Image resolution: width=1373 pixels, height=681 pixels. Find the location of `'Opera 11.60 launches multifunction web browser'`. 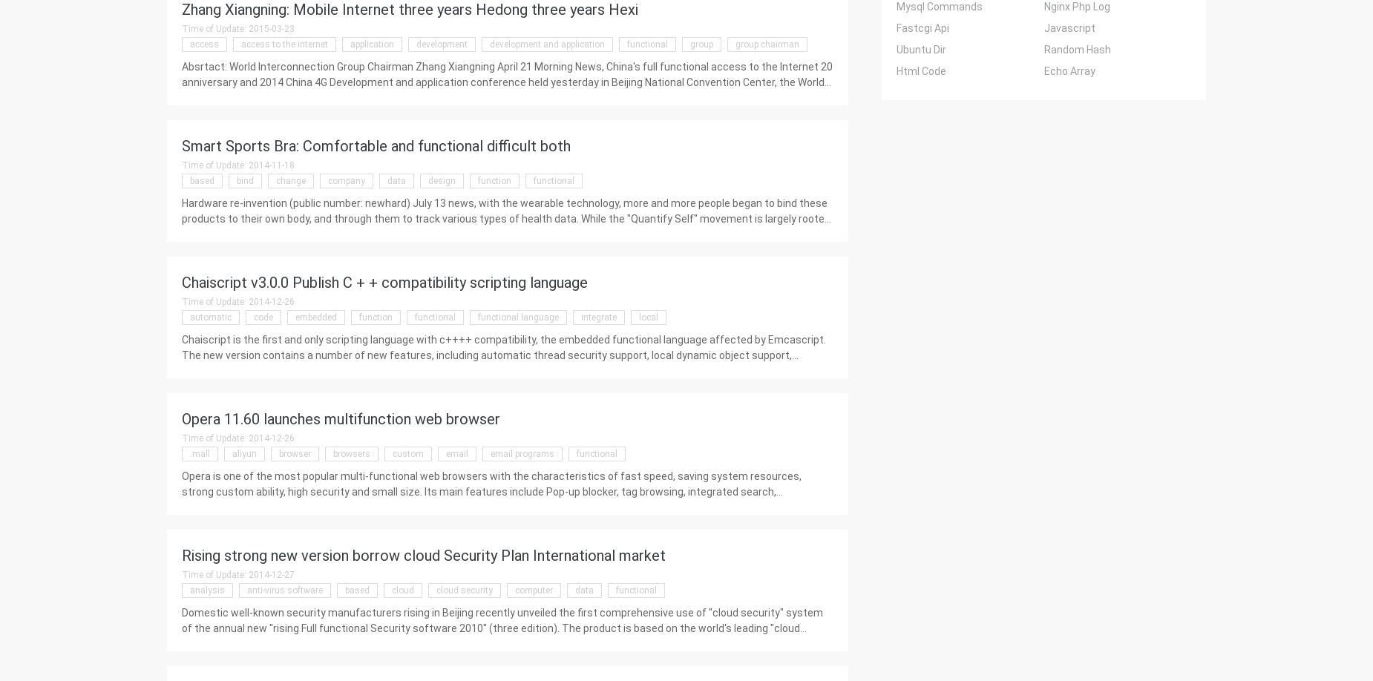

'Opera 11.60 launches multifunction web browser' is located at coordinates (340, 418).